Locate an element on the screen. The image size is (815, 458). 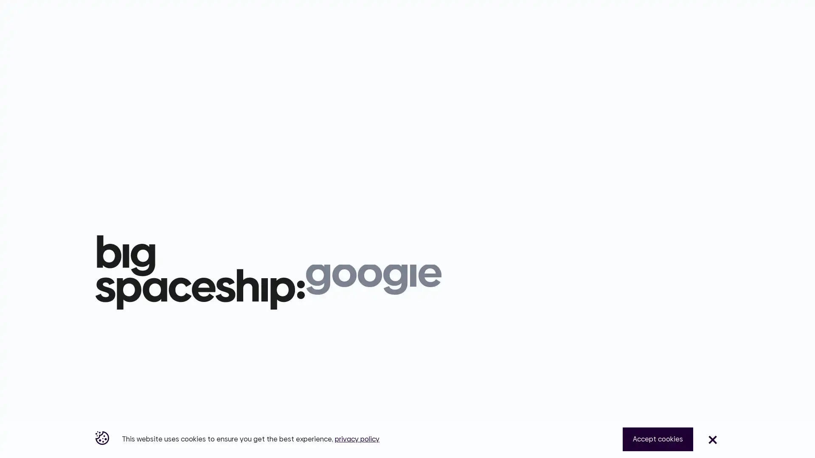
Close is located at coordinates (713, 439).